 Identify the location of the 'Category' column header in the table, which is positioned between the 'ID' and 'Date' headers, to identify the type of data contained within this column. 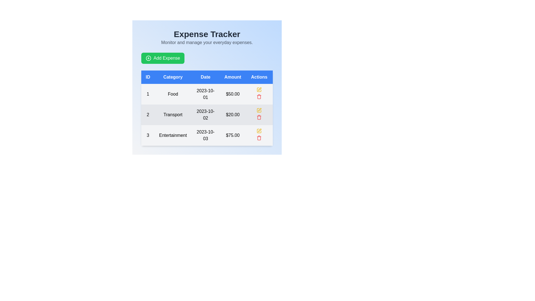
(172, 77).